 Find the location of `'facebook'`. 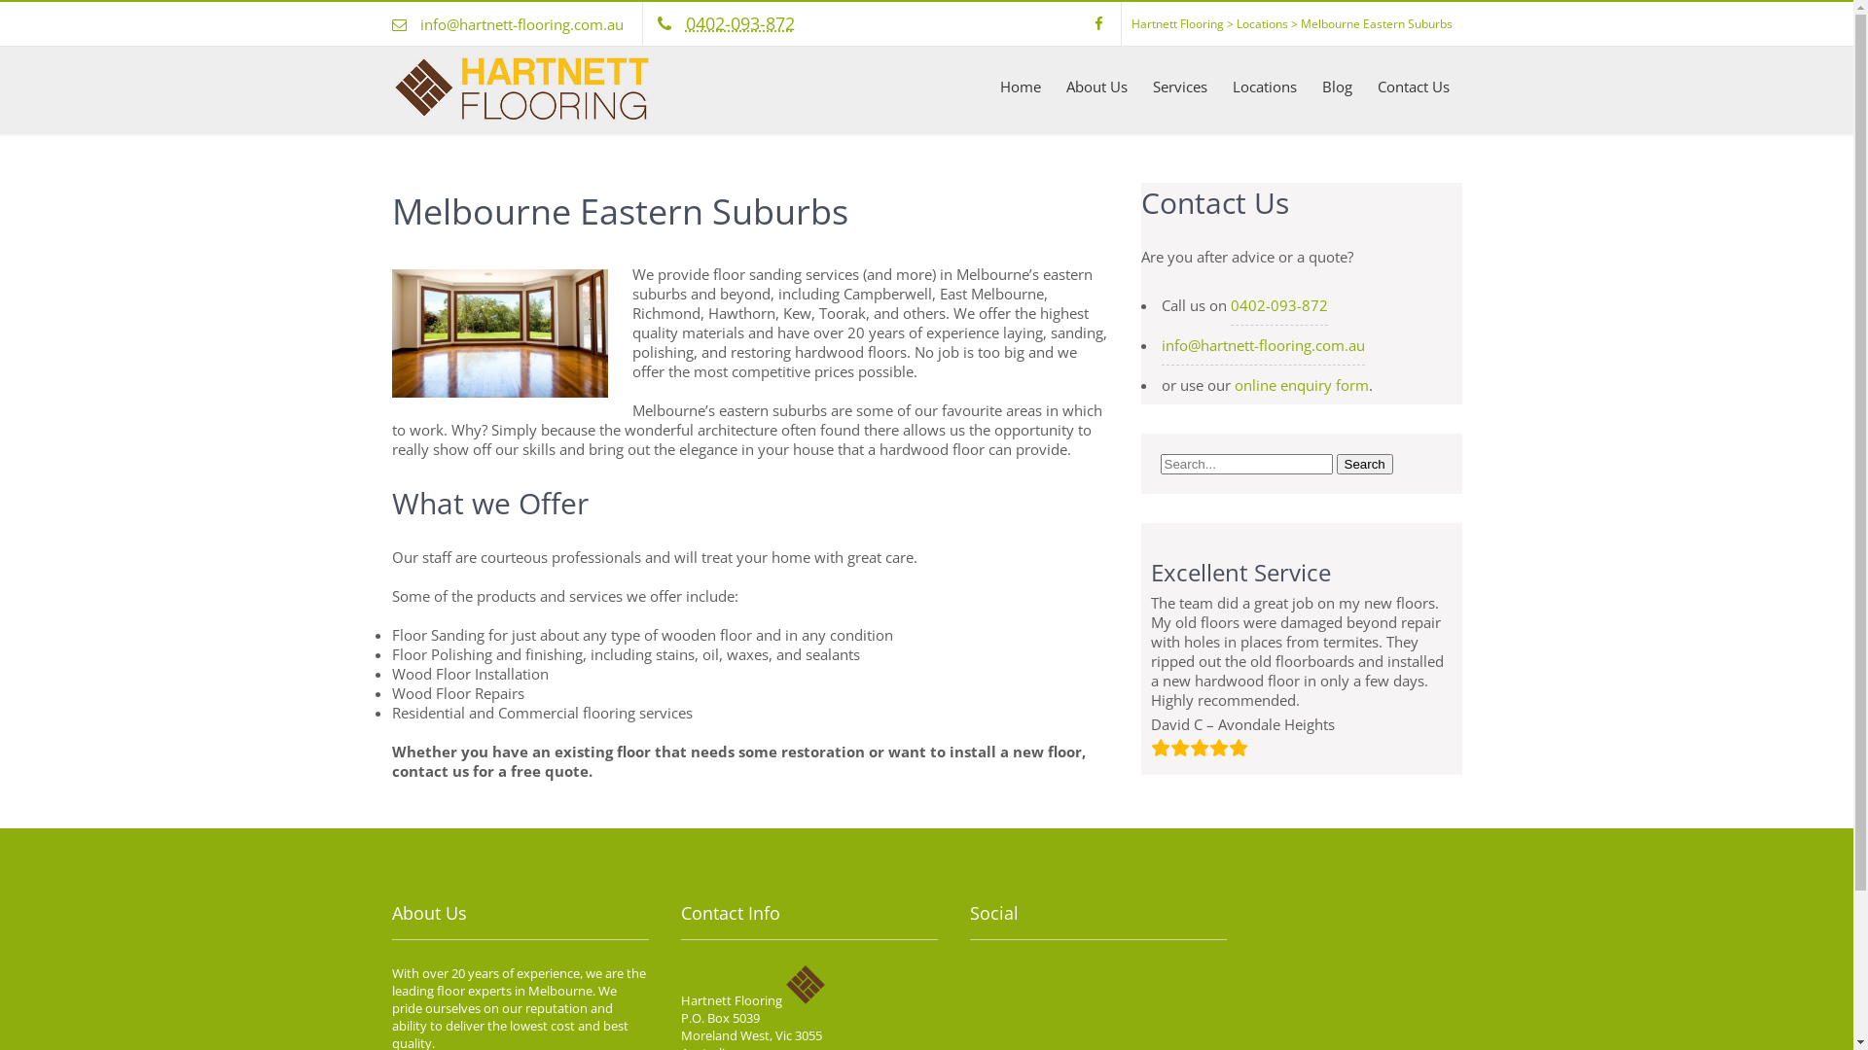

'facebook' is located at coordinates (1074, 23).